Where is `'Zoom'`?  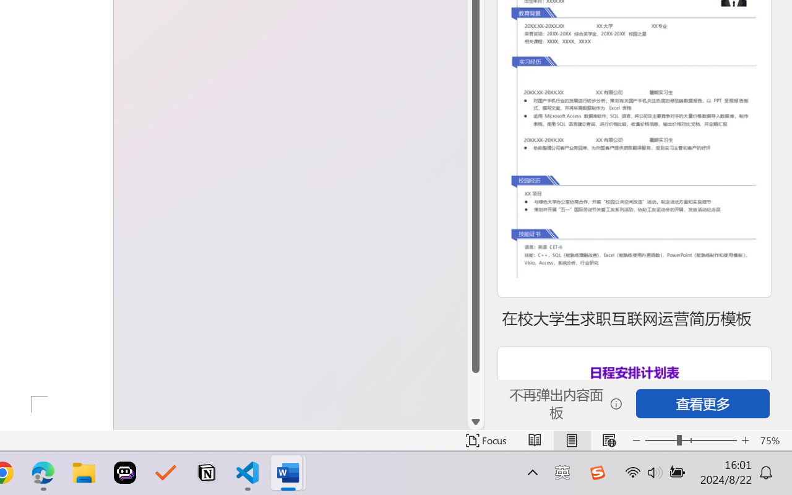
'Zoom' is located at coordinates (690, 440).